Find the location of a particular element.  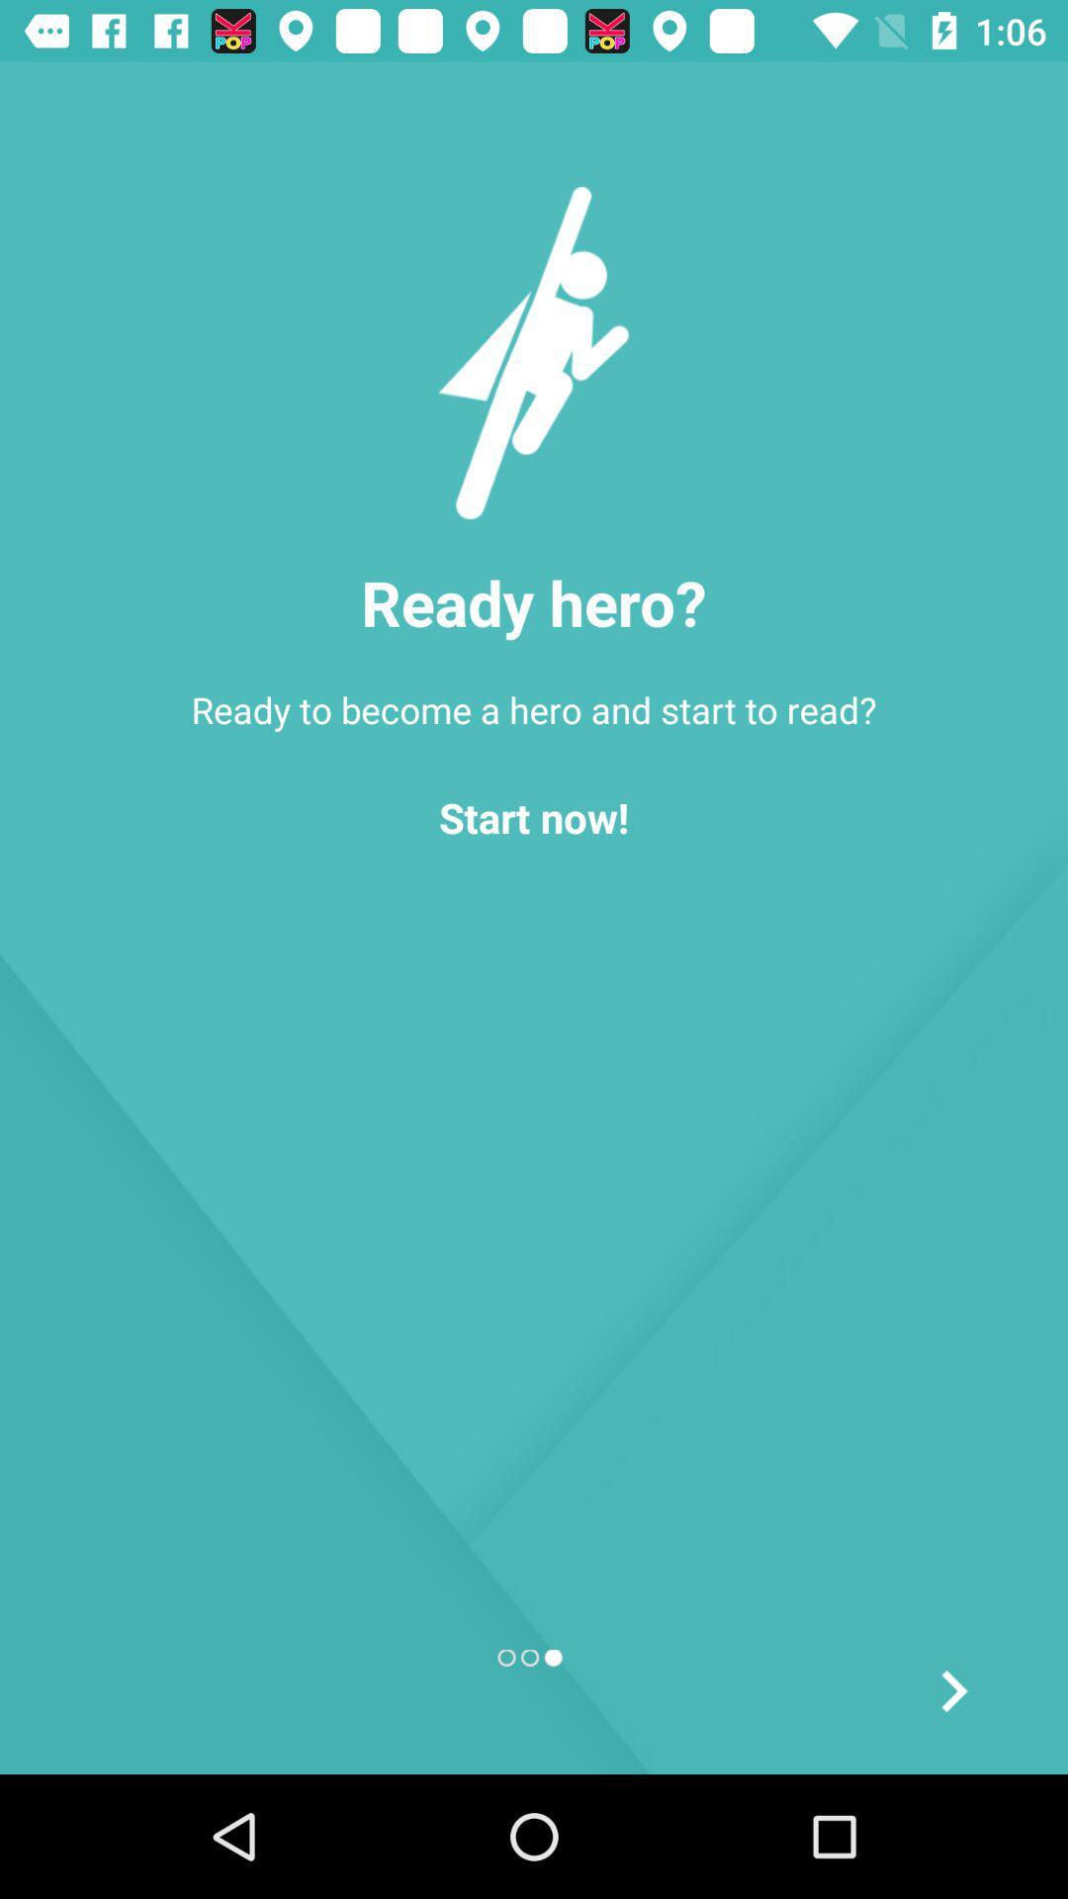

forward button is located at coordinates (952, 1689).